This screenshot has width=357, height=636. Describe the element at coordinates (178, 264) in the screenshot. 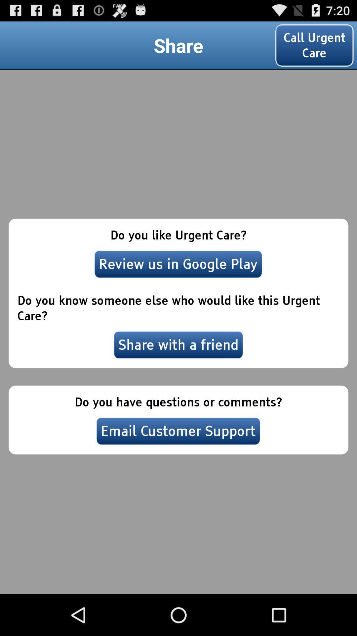

I see `the review us in icon` at that location.